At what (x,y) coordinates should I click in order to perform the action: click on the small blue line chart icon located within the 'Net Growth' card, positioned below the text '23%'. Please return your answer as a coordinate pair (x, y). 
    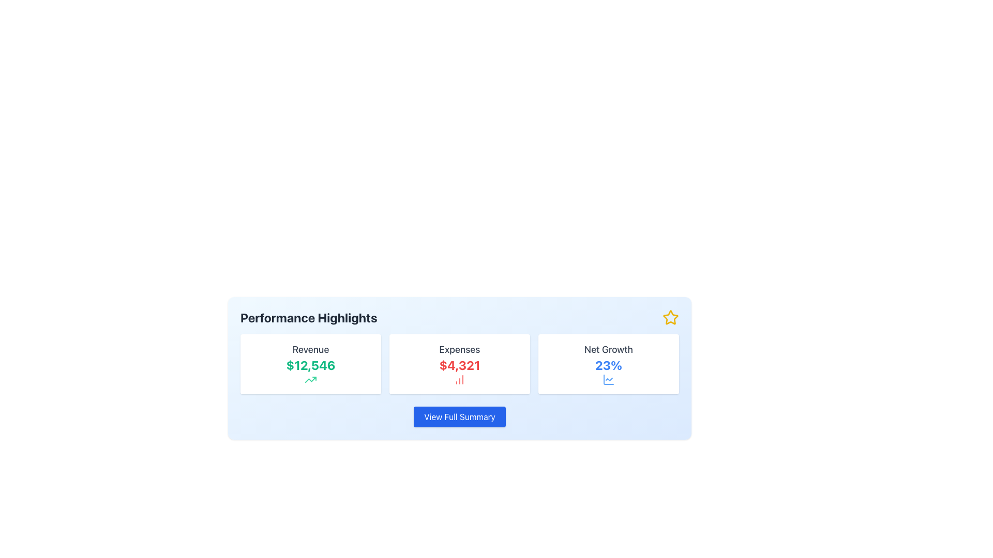
    Looking at the image, I should click on (608, 380).